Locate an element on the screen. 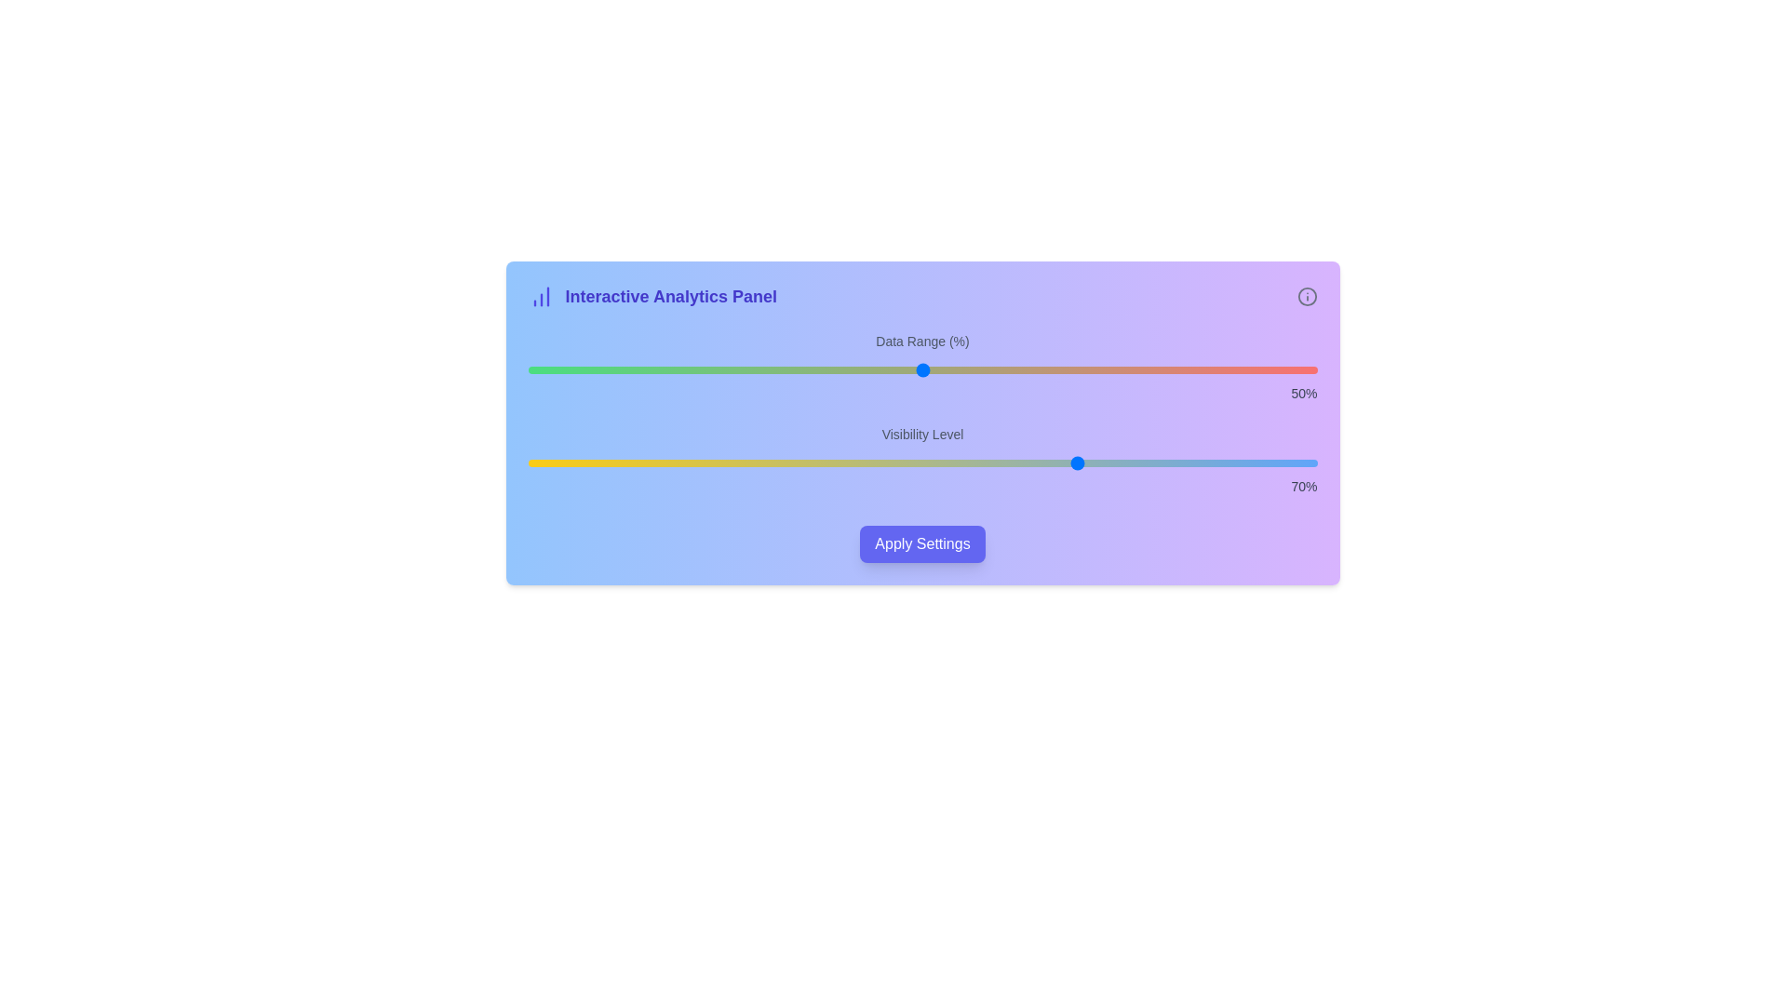  the Data Range slider to 84% is located at coordinates (1189, 369).